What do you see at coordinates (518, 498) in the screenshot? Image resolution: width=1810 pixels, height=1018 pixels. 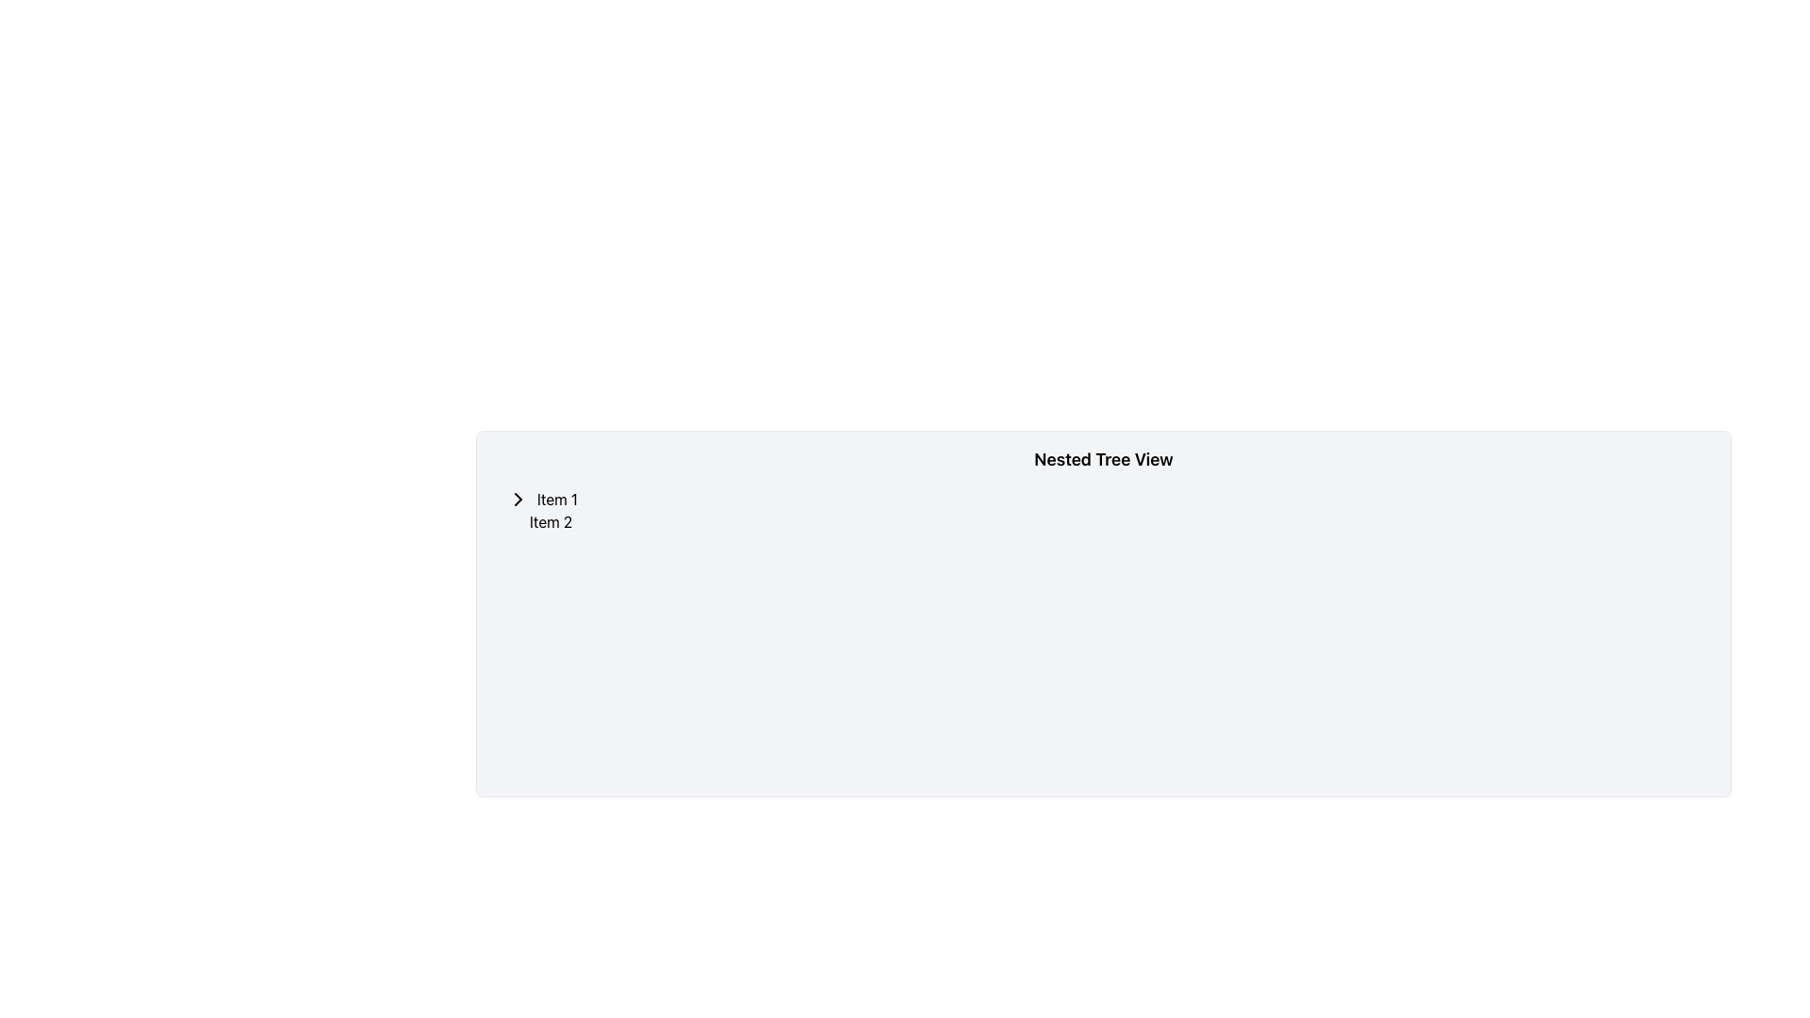 I see `the rightward-pointing chevron arrow icon located to the left of 'Item 1' for keyboard interaction` at bounding box center [518, 498].